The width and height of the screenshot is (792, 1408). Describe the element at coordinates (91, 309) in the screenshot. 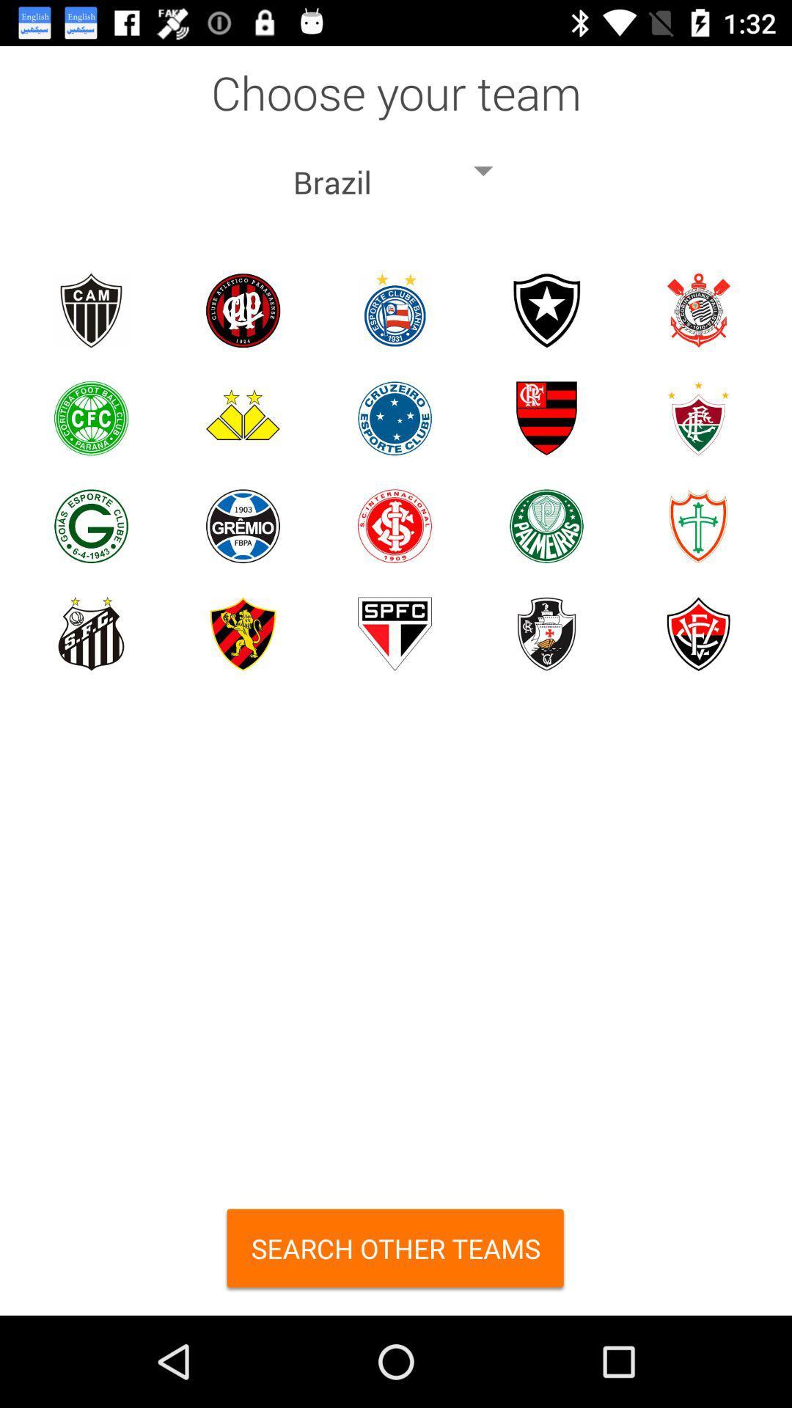

I see `choose team` at that location.